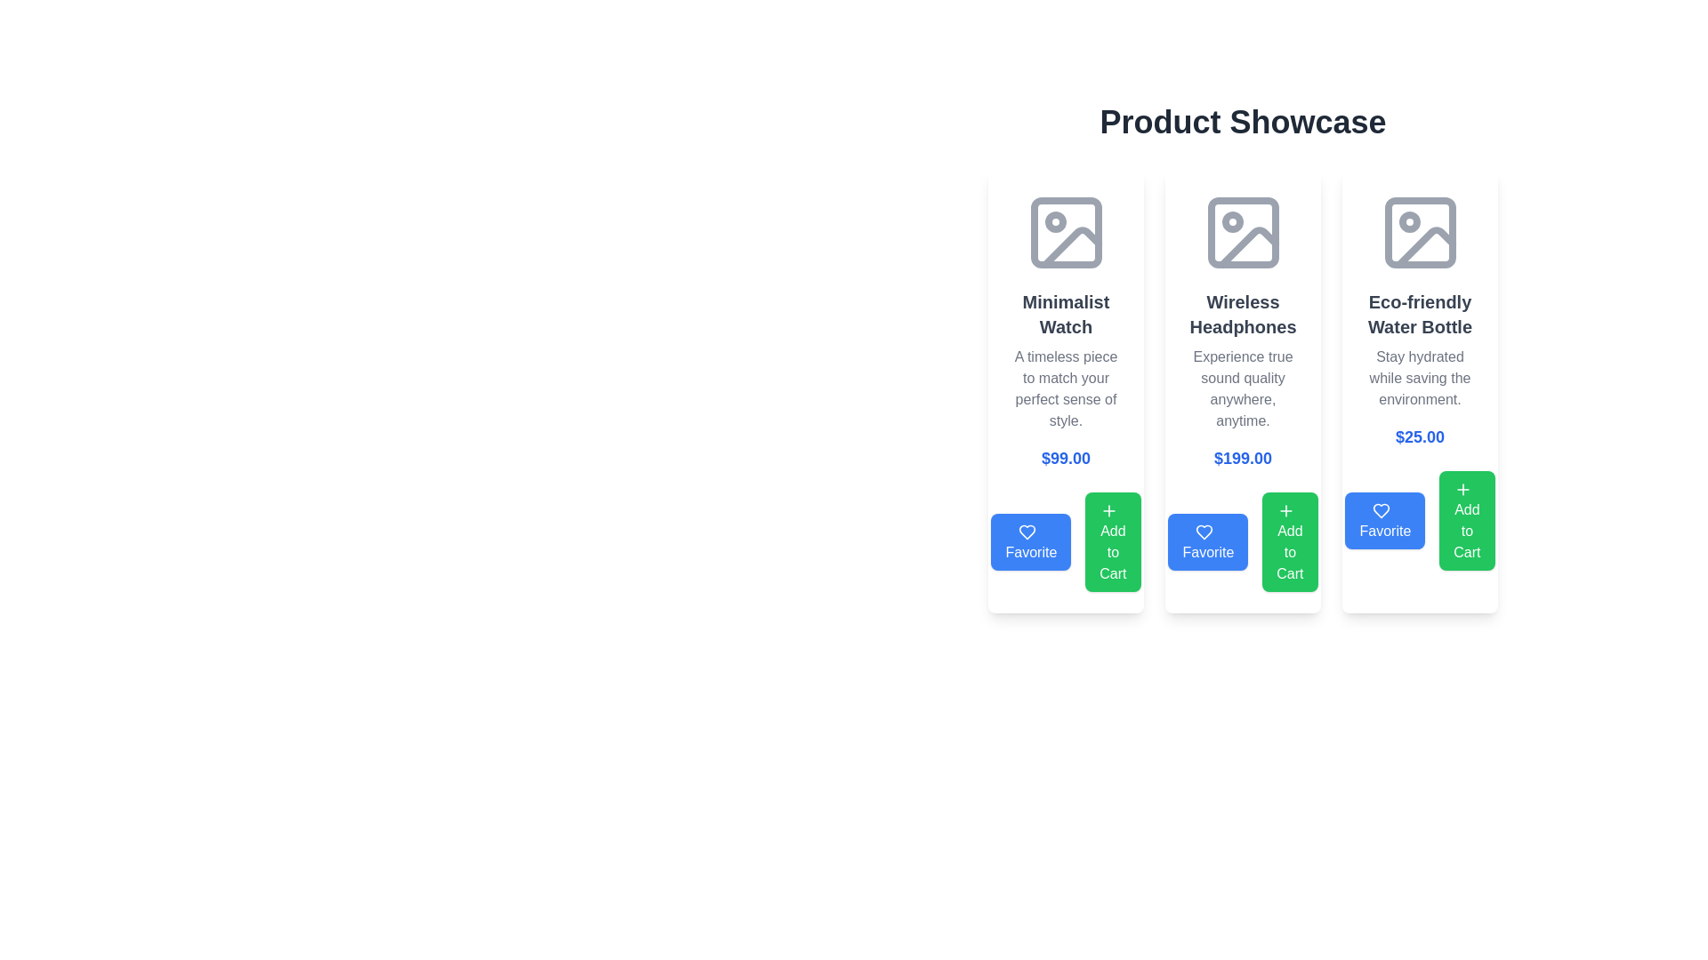 This screenshot has width=1708, height=960. What do you see at coordinates (1112, 540) in the screenshot?
I see `the 'Add to Cart' button located below the price text and to the right of the 'Favorite' button within the product card` at bounding box center [1112, 540].